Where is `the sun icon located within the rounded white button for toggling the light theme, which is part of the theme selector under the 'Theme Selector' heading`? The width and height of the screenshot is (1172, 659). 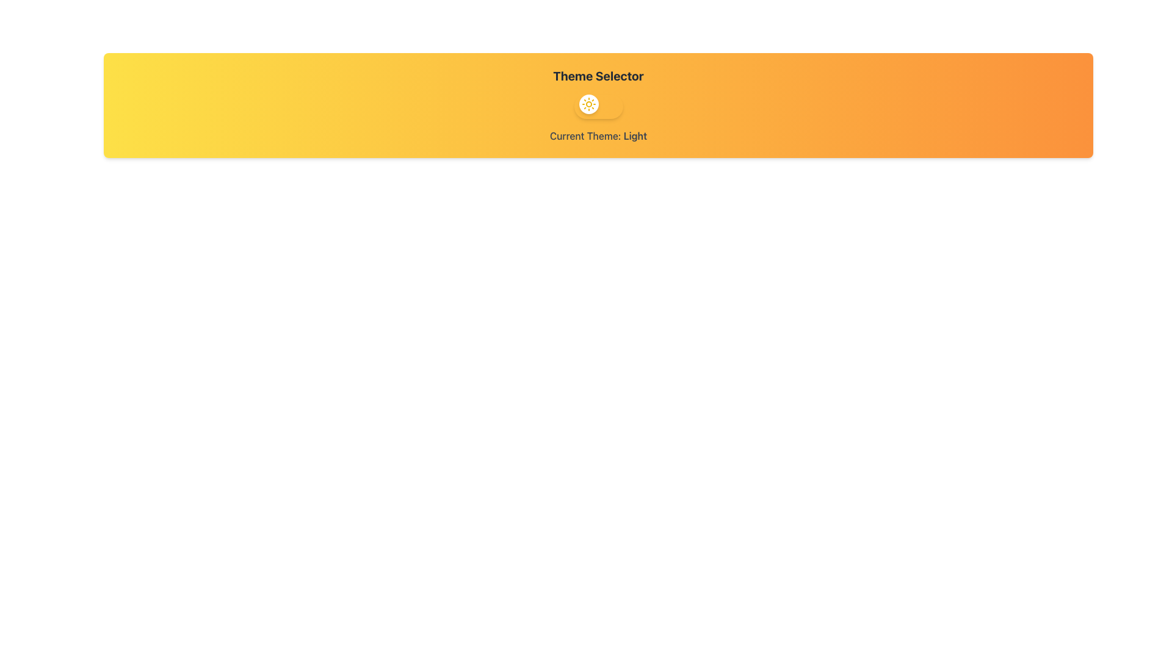 the sun icon located within the rounded white button for toggling the light theme, which is part of the theme selector under the 'Theme Selector' heading is located at coordinates (588, 103).